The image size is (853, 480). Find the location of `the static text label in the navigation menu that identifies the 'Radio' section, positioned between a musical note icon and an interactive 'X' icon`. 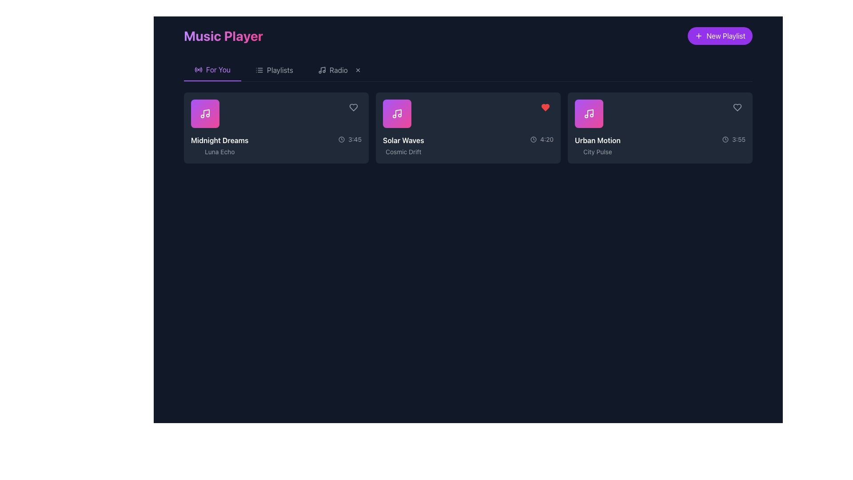

the static text label in the navigation menu that identifies the 'Radio' section, positioned between a musical note icon and an interactive 'X' icon is located at coordinates (338, 70).